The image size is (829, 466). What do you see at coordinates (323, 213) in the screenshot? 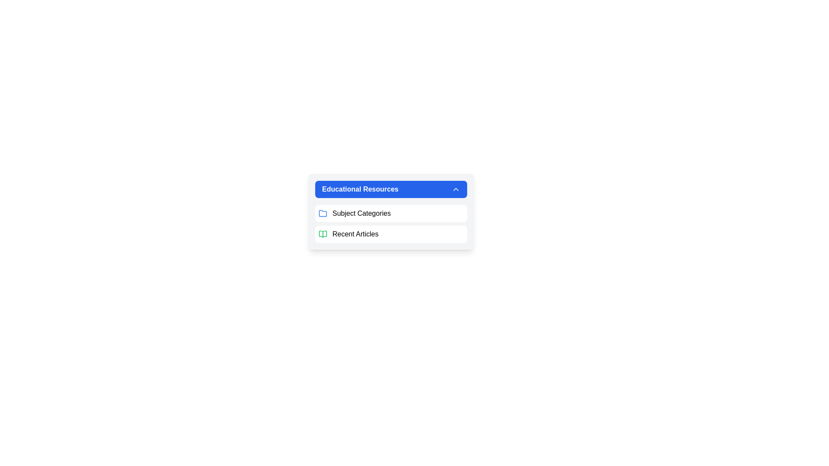
I see `the descriptive icon that visually complements the 'Educational Resources' button in the UI` at bounding box center [323, 213].